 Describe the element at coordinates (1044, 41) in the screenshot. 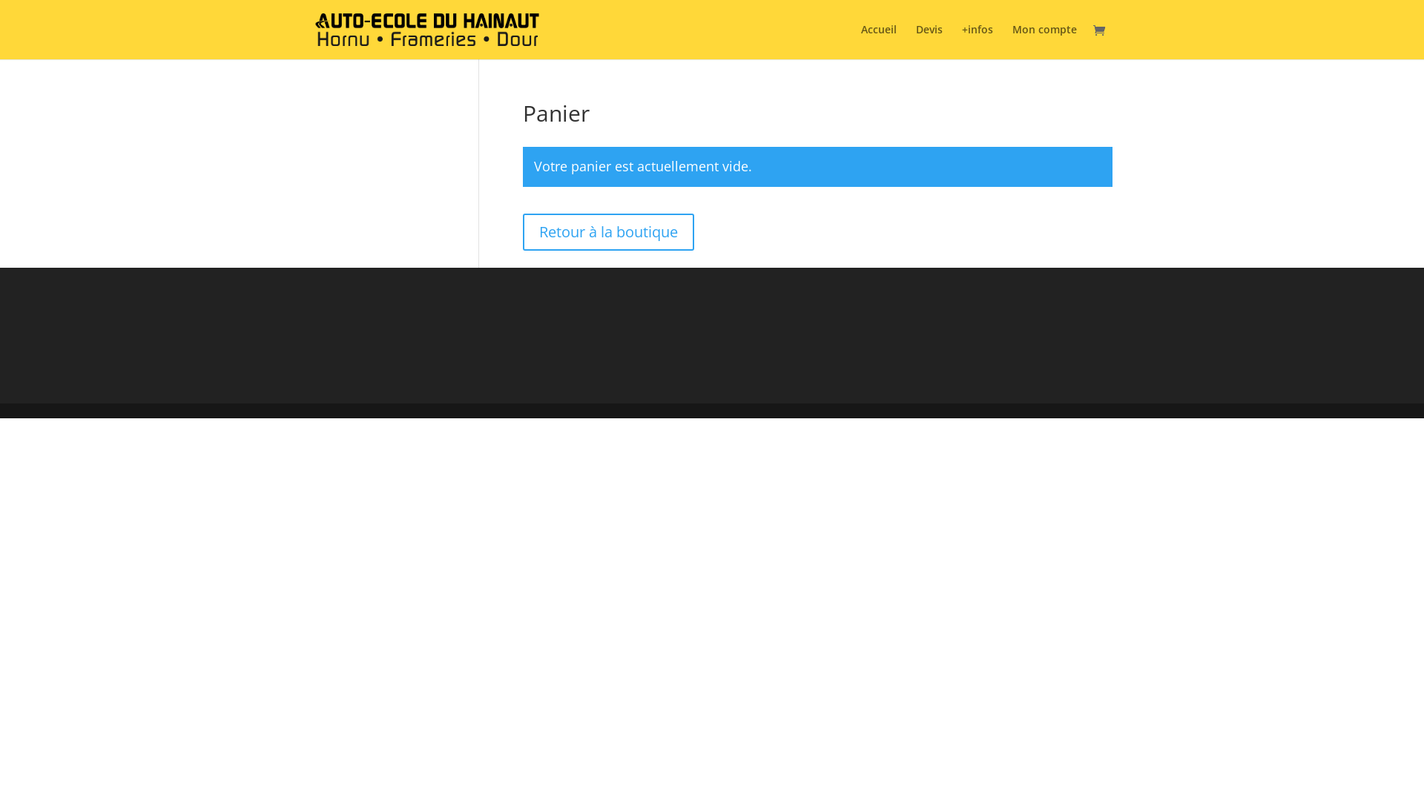

I see `'Mon compte'` at that location.